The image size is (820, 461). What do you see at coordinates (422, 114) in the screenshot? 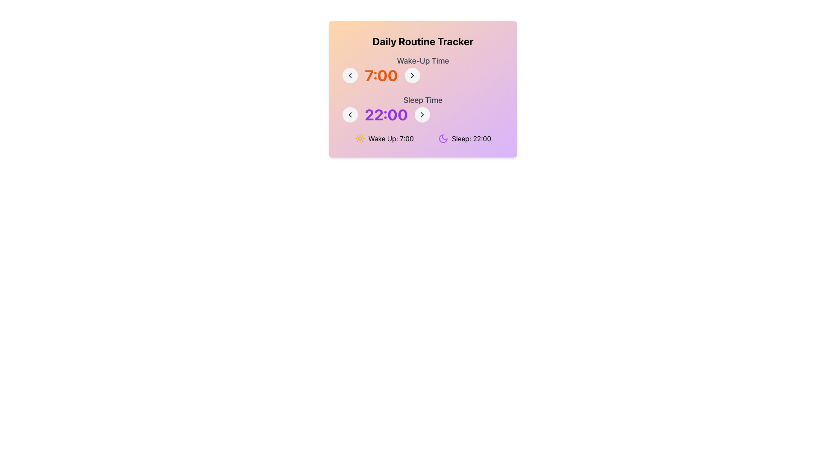
I see `the small right-facing chevron icon that is located on the right side of the 'Sleep Time' label and time value to increment the sleep time` at bounding box center [422, 114].